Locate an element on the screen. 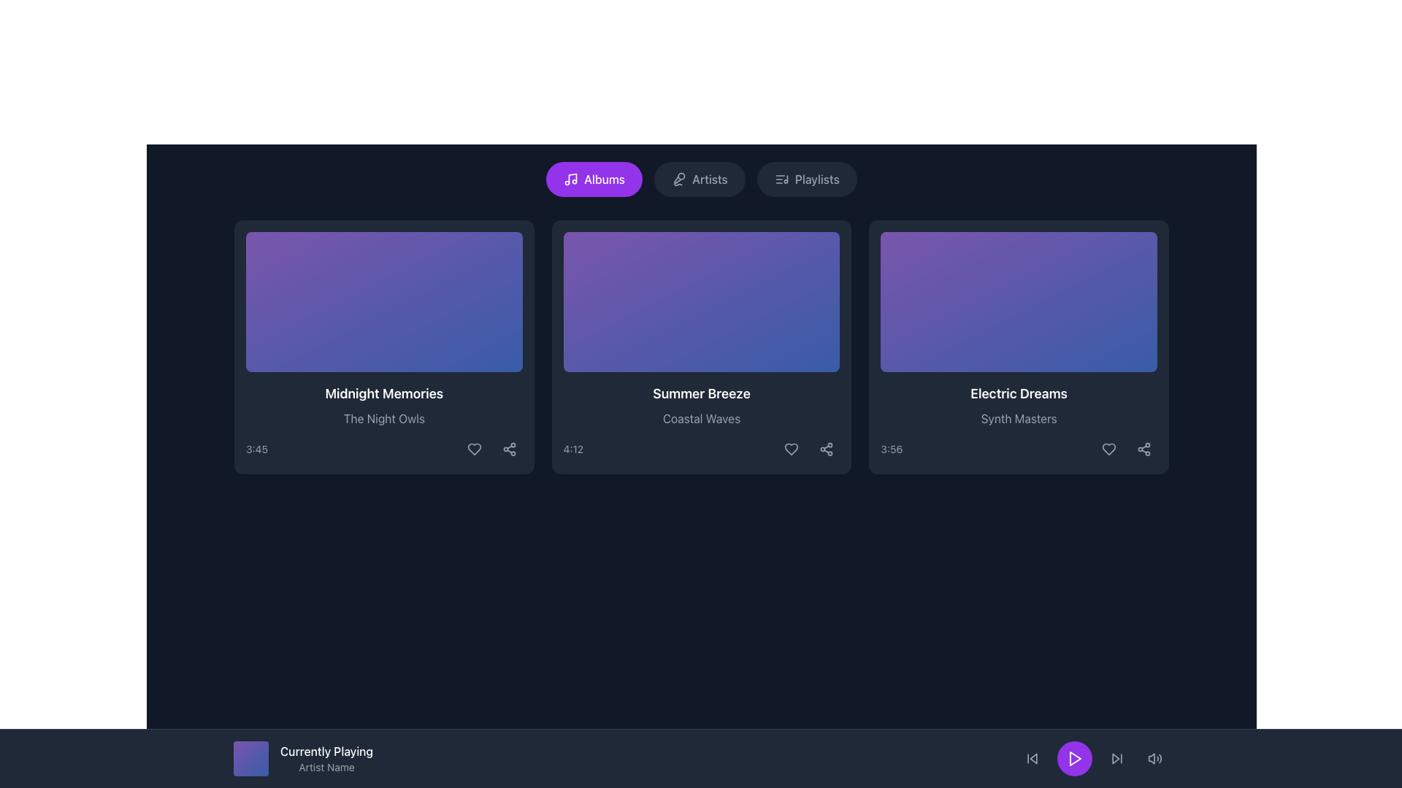  the 'Artists' button icon located in the navigation bar, which represents vocal or artist-related content is located at coordinates (678, 179).